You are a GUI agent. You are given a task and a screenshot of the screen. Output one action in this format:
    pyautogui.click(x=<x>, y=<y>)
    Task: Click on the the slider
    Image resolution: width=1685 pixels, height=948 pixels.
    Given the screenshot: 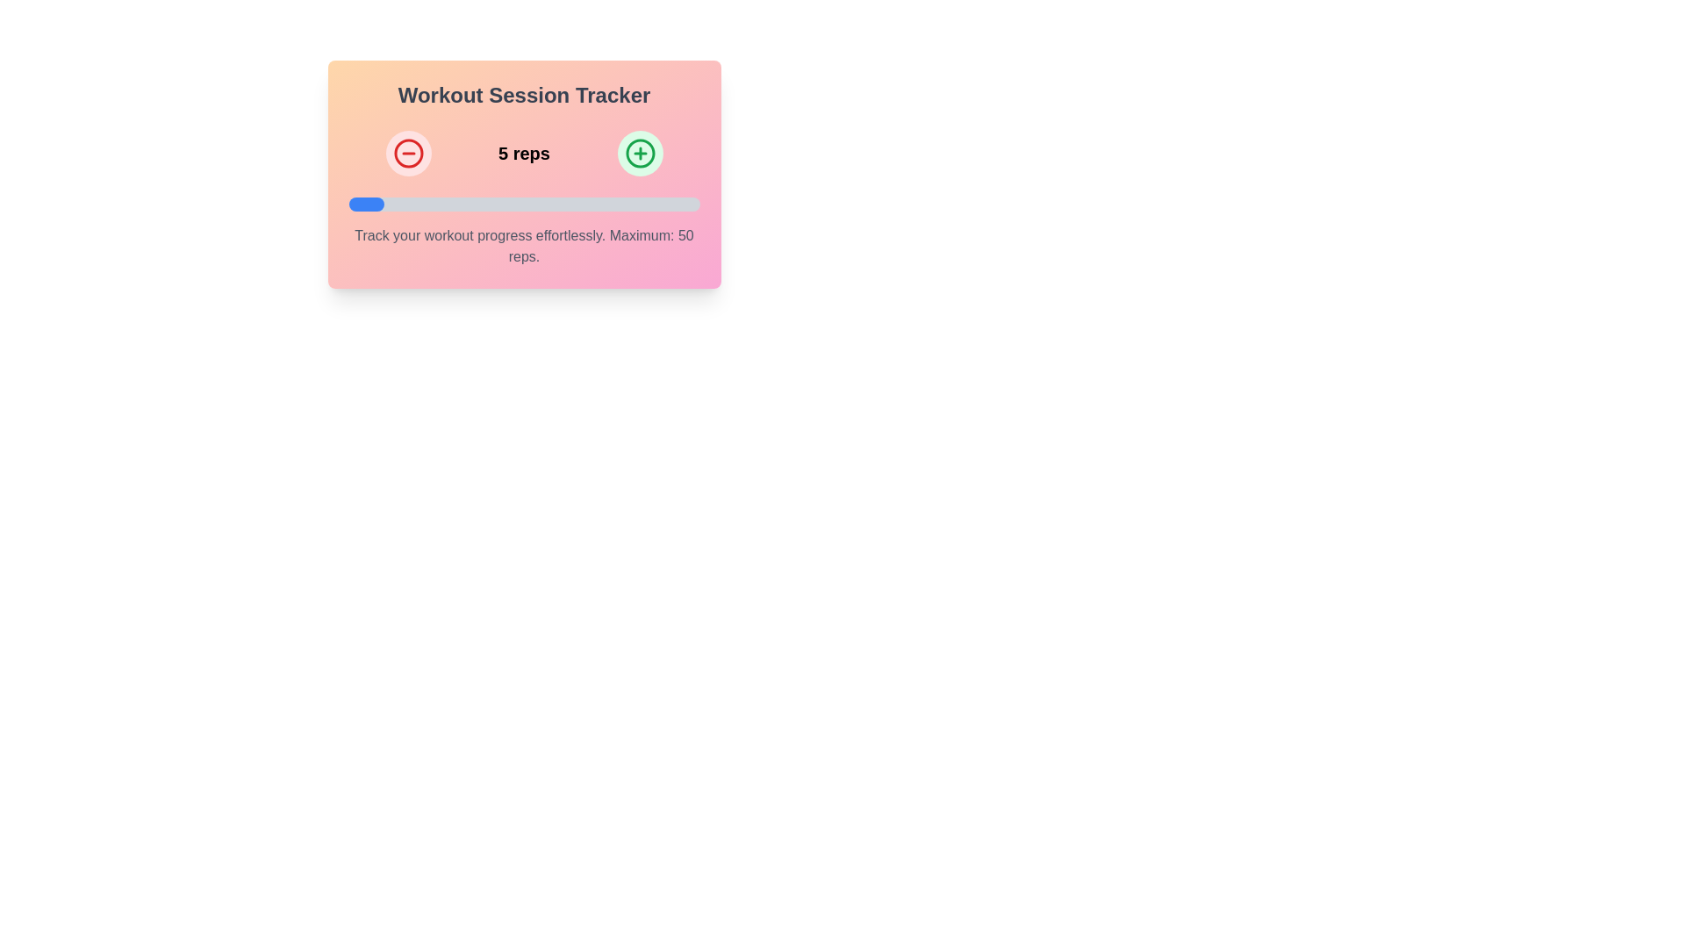 What is the action you would take?
    pyautogui.click(x=354, y=203)
    